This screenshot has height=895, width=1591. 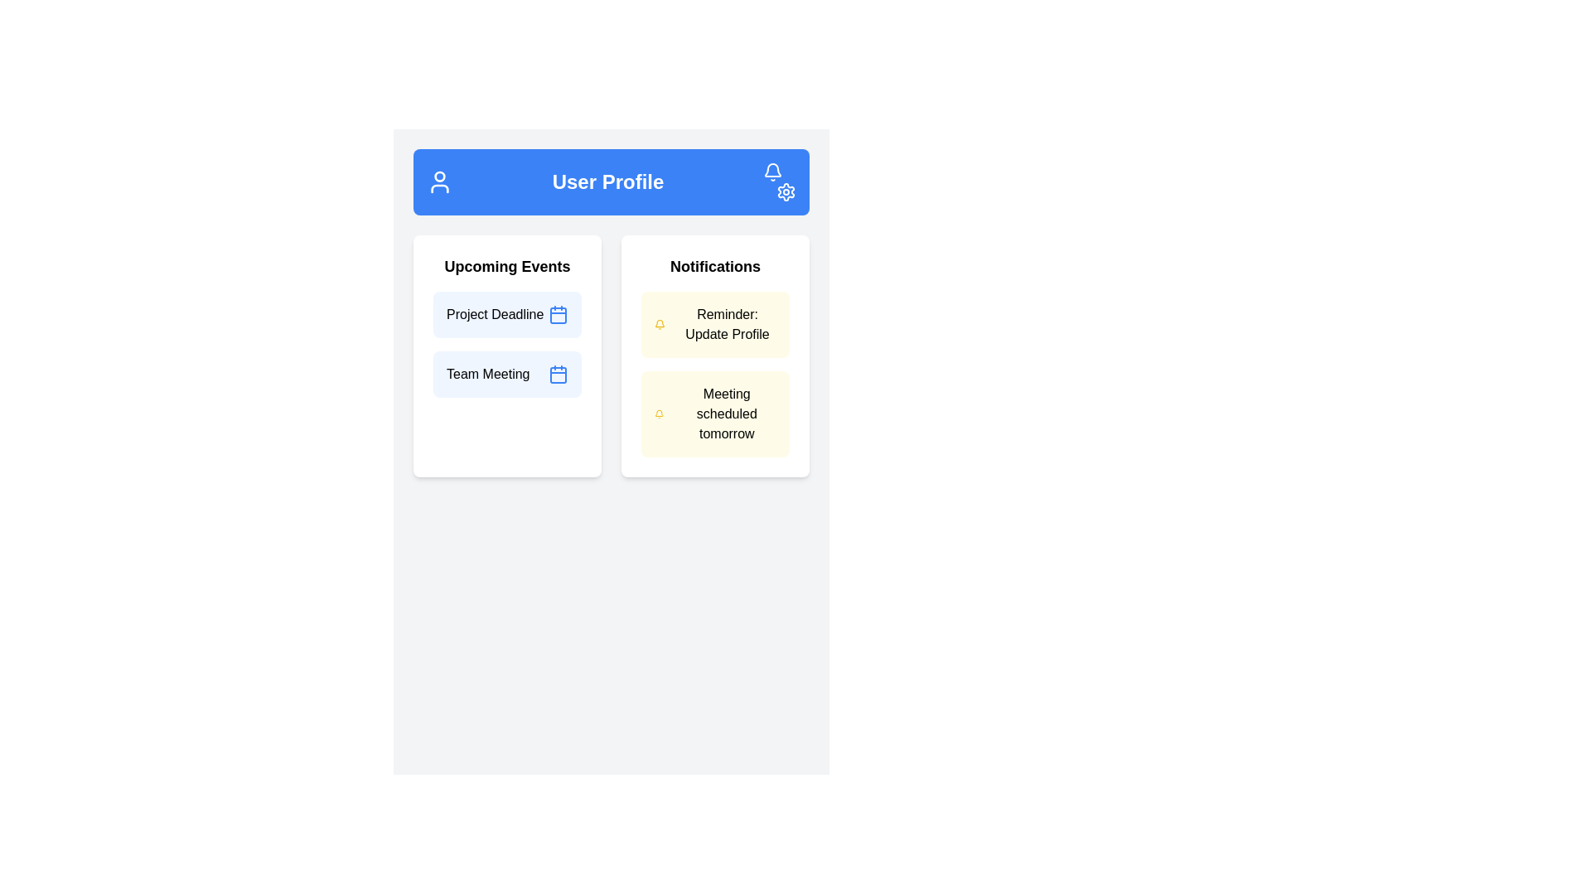 What do you see at coordinates (506, 265) in the screenshot?
I see `the heading text element for the 'Upcoming Events' section, which serves as the title for the events listed below` at bounding box center [506, 265].